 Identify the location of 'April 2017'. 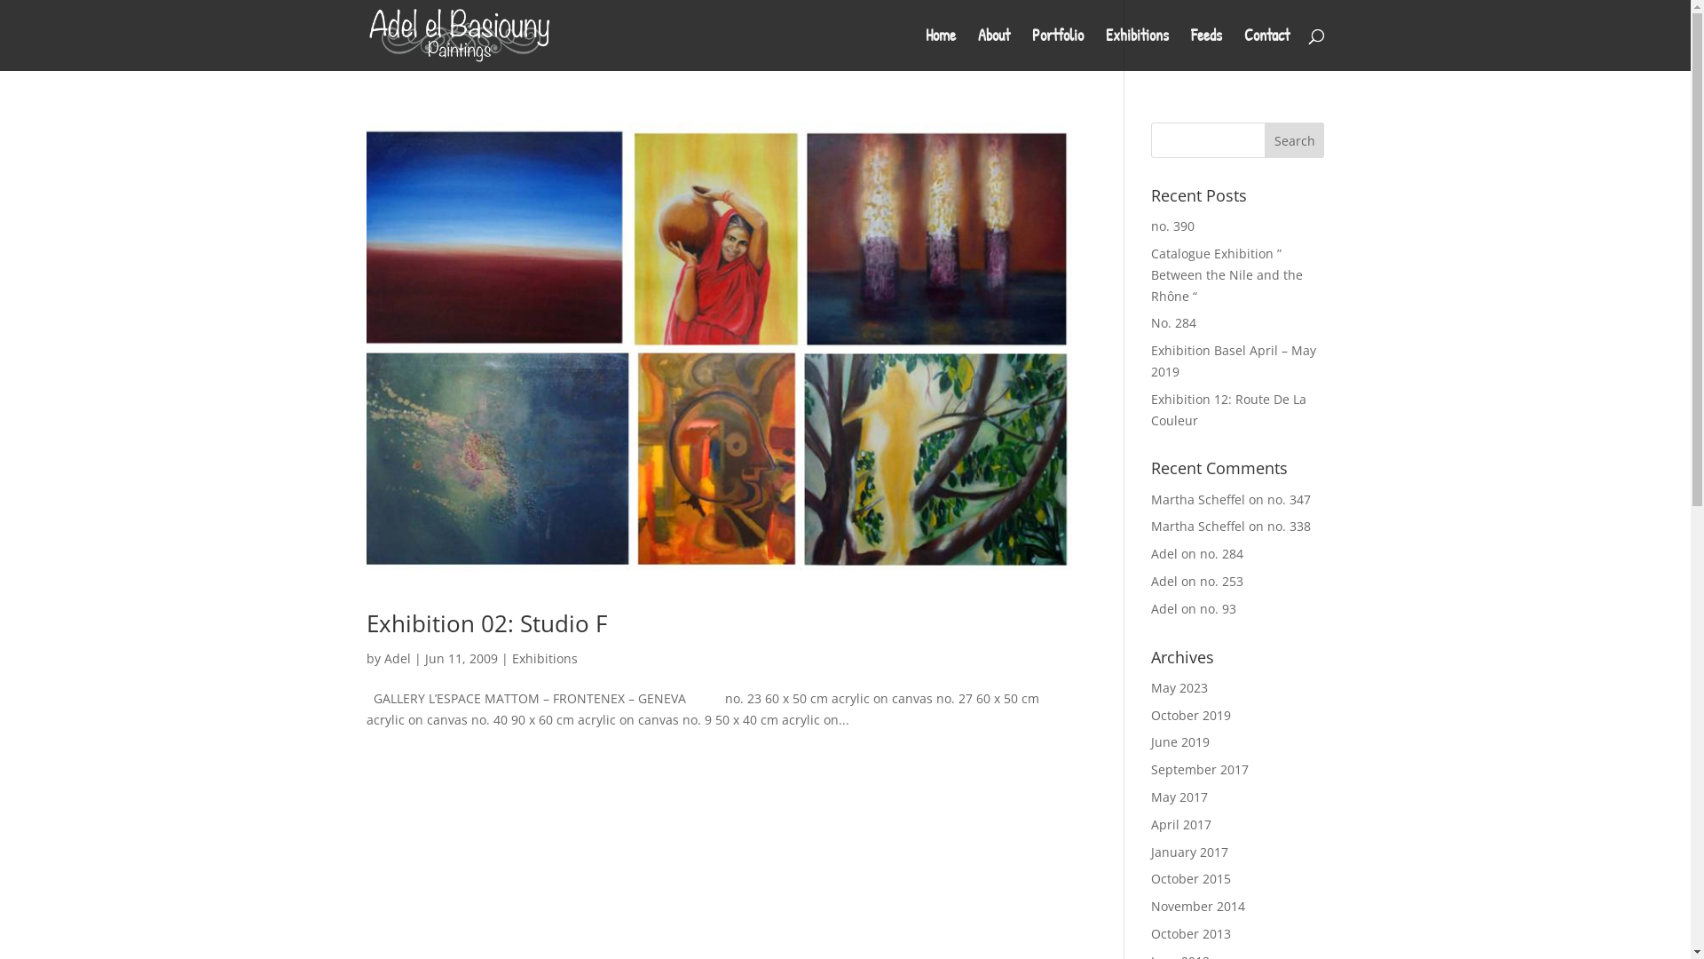
(1180, 824).